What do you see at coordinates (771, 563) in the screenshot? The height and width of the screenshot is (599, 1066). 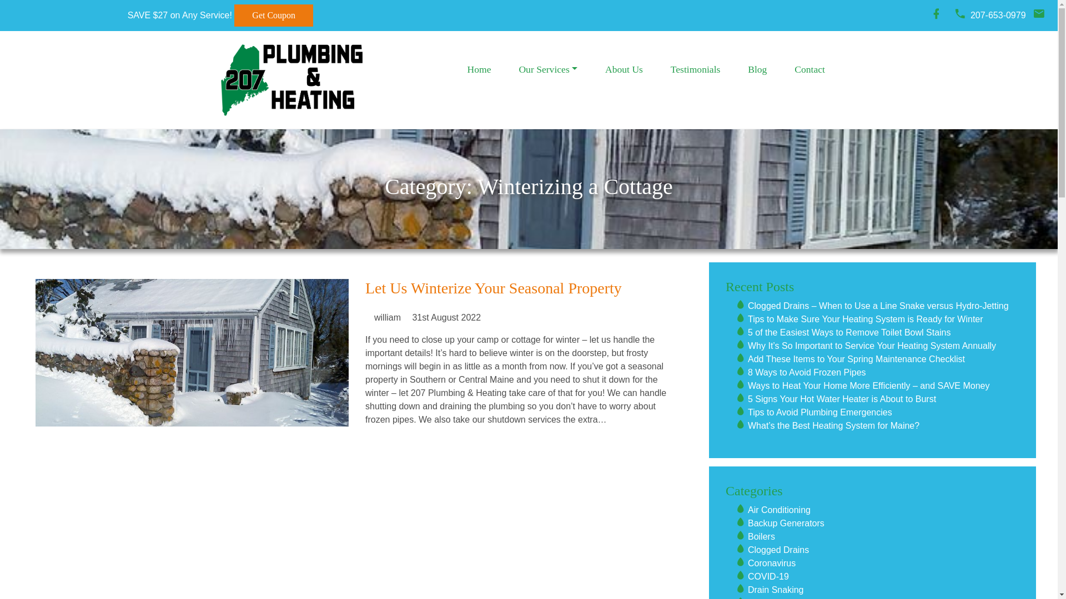 I see `'Coronavirus'` at bounding box center [771, 563].